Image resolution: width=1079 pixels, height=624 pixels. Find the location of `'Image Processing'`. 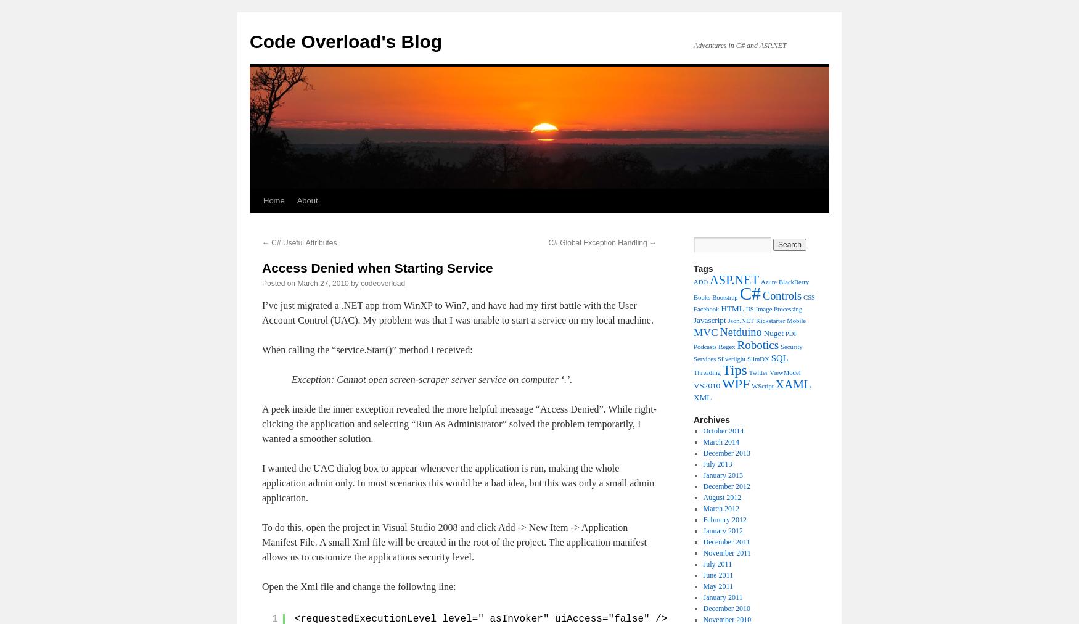

'Image Processing' is located at coordinates (777, 309).